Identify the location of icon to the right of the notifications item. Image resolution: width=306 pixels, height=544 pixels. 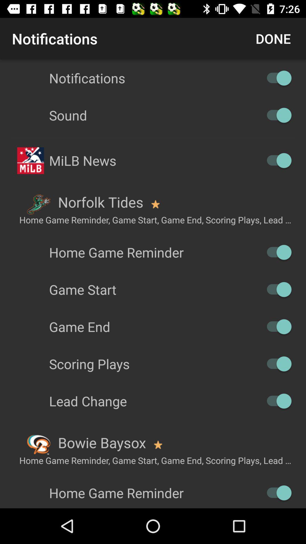
(273, 38).